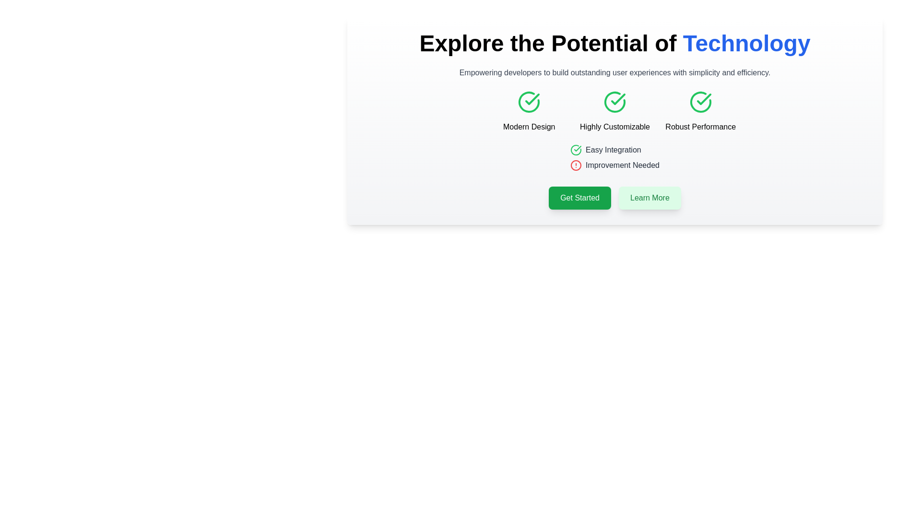 The height and width of the screenshot is (518, 921). Describe the element at coordinates (618, 99) in the screenshot. I see `the decorative checkmark graphic that symbolizes a successful state, located within the circular icon corresponding to the 'Highly Customizable' label` at that location.